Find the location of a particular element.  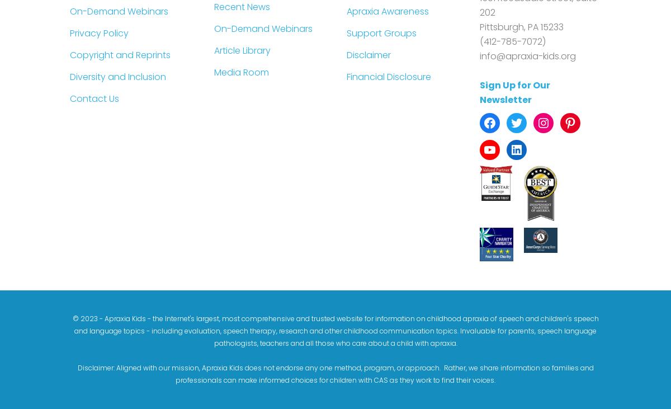

'Pittsburgh, PA 15233' is located at coordinates (521, 26).